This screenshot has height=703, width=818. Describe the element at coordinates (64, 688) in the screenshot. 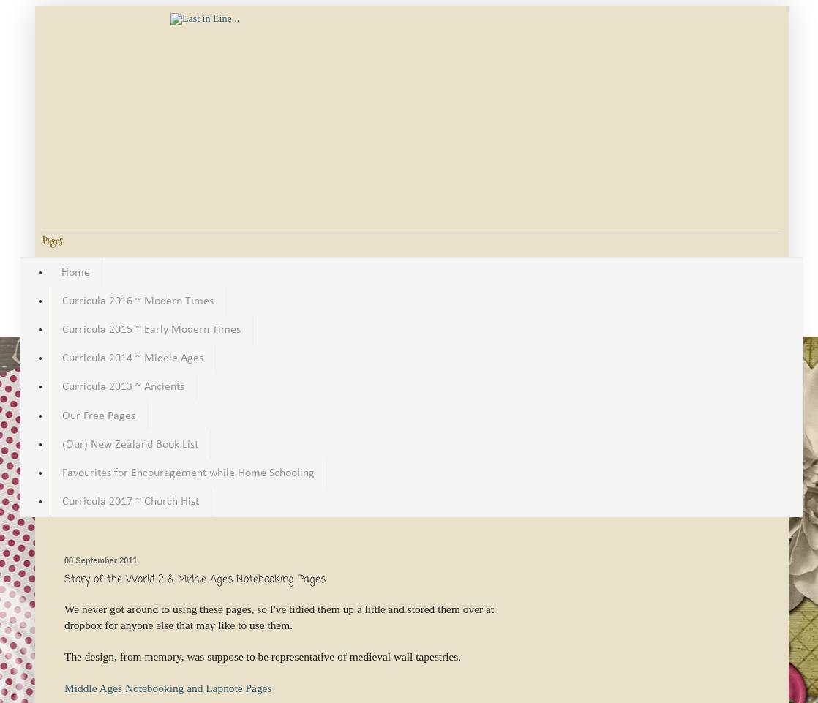

I see `'Middle Ages Notebooking and Lapnote Pages'` at that location.